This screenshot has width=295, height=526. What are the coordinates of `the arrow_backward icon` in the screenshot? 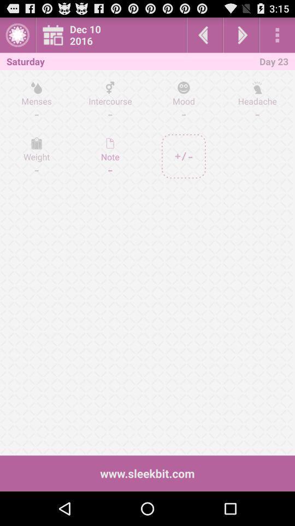 It's located at (204, 37).